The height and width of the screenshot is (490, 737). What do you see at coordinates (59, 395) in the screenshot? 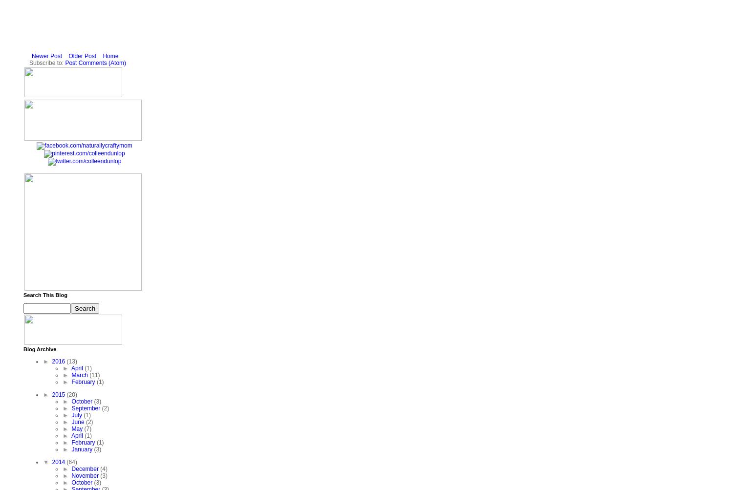
I see `'2015'` at bounding box center [59, 395].